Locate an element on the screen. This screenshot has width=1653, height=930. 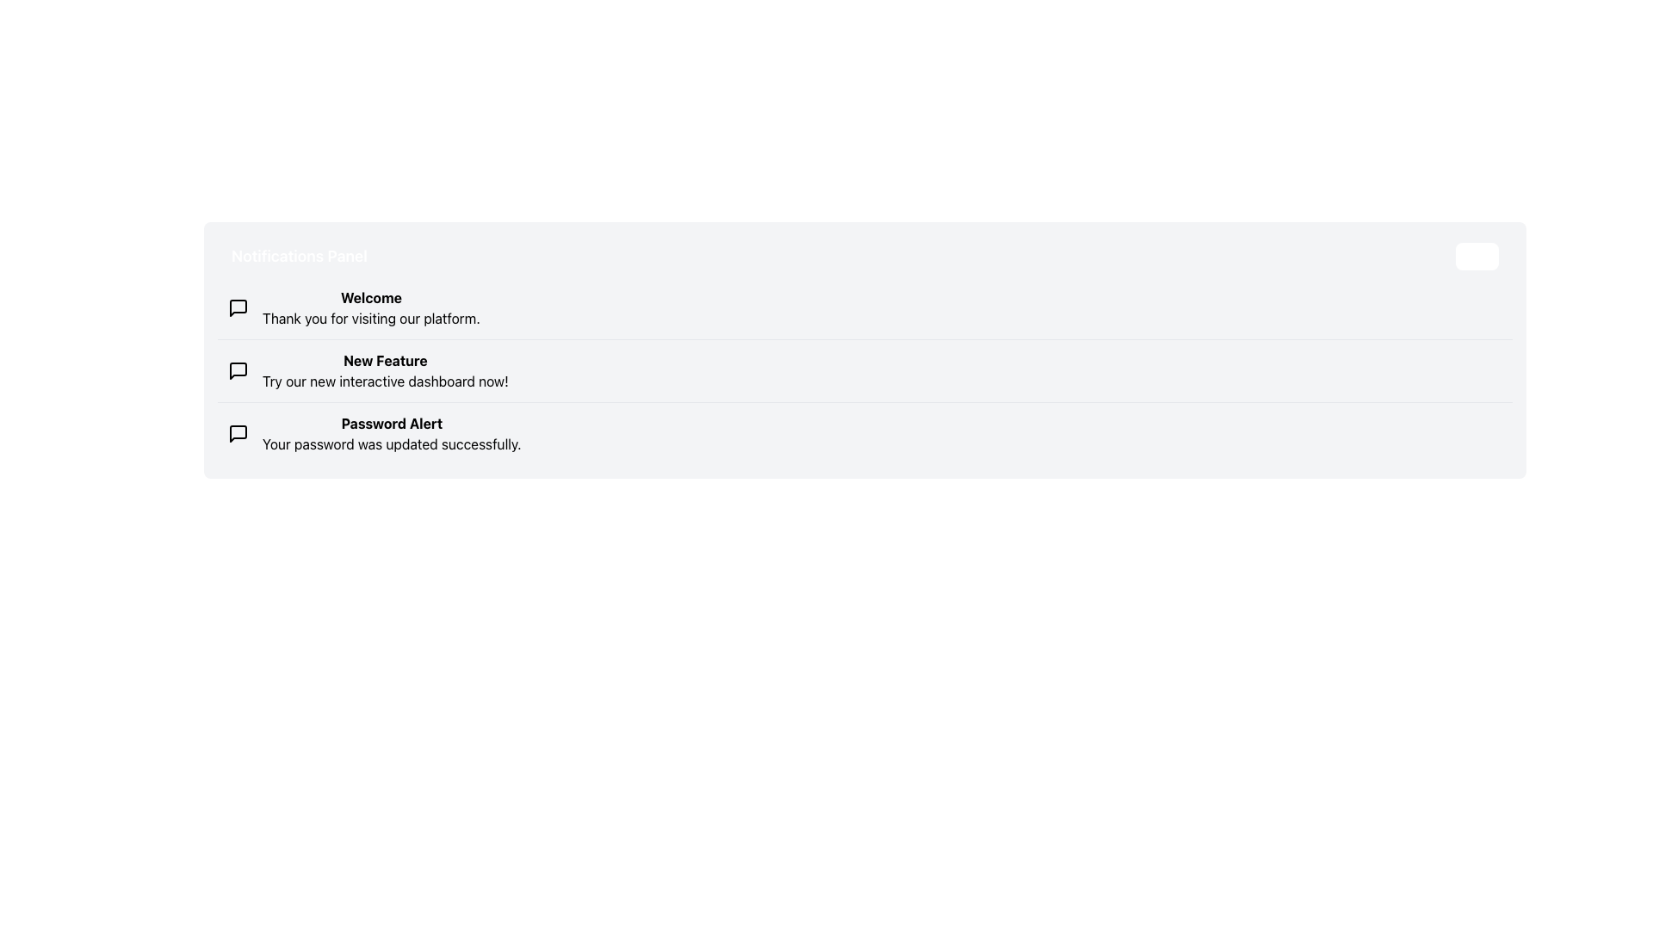
the body message text of the 'Password Alert' notification to interact with it is located at coordinates (391, 443).